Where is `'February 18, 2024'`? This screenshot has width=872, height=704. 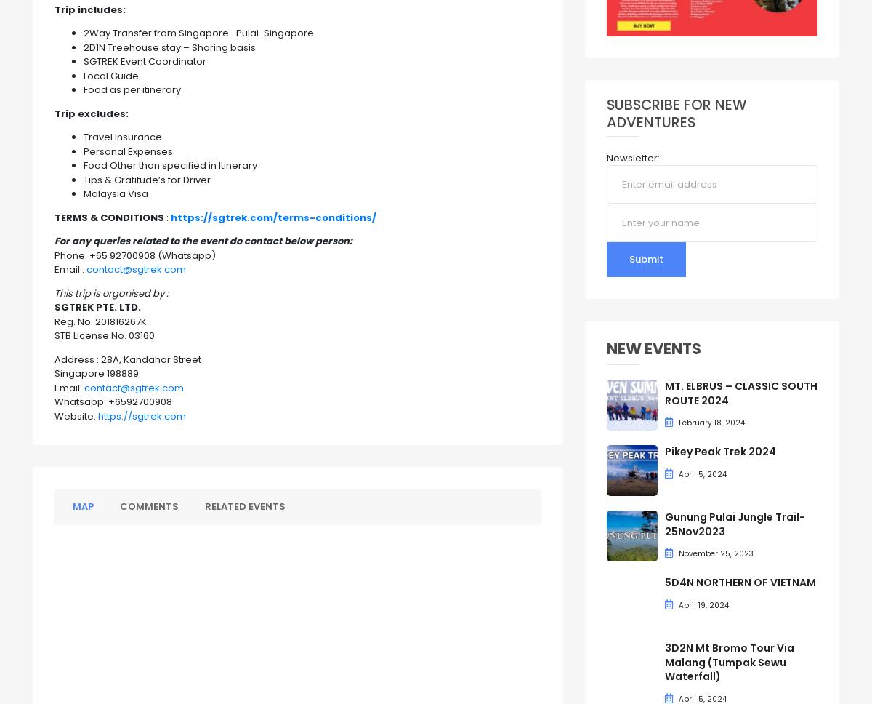 'February 18, 2024' is located at coordinates (711, 423).